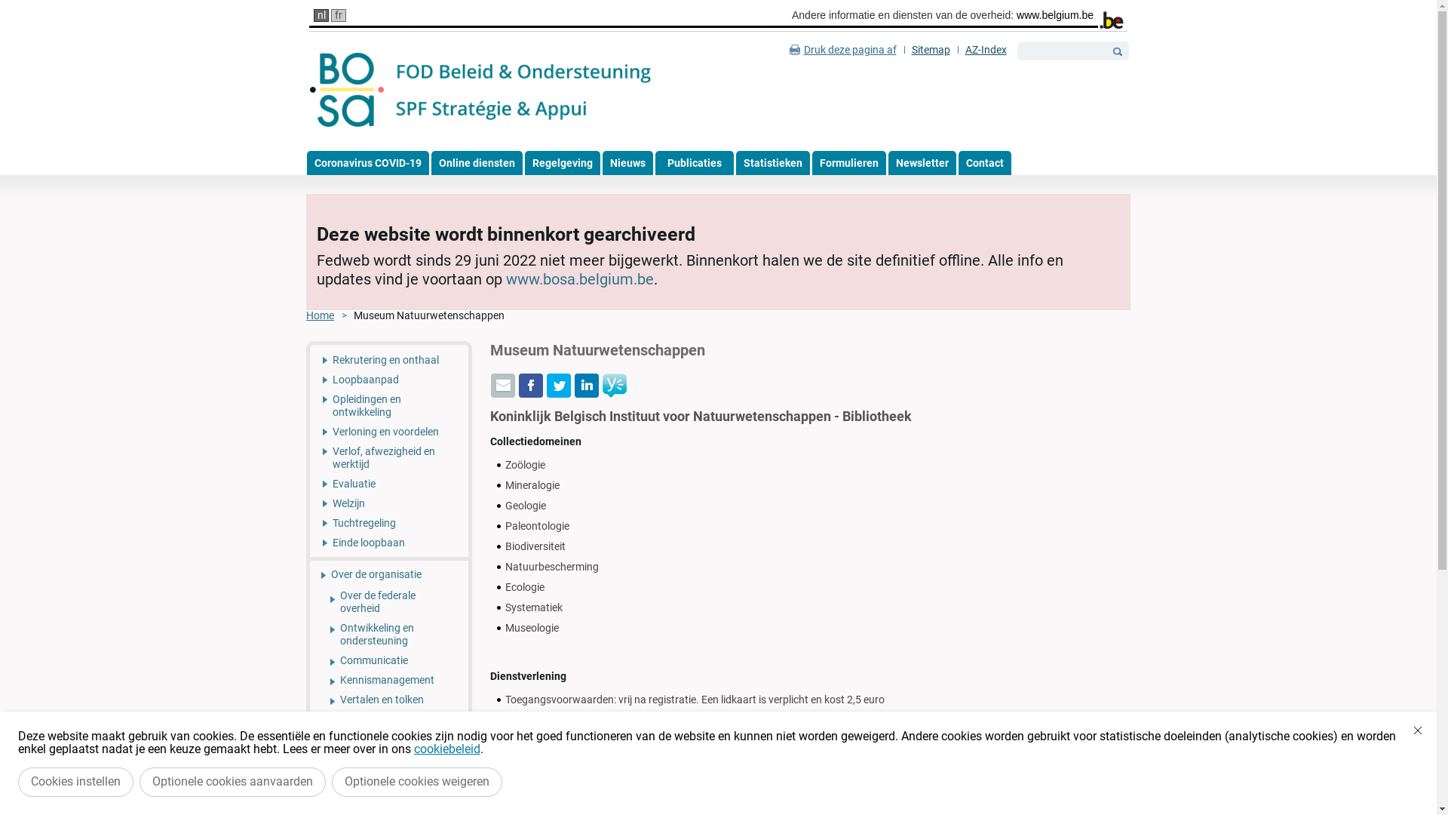 The image size is (1448, 815). What do you see at coordinates (309, 634) in the screenshot?
I see `'Ontwikkeling en ondersteuning'` at bounding box center [309, 634].